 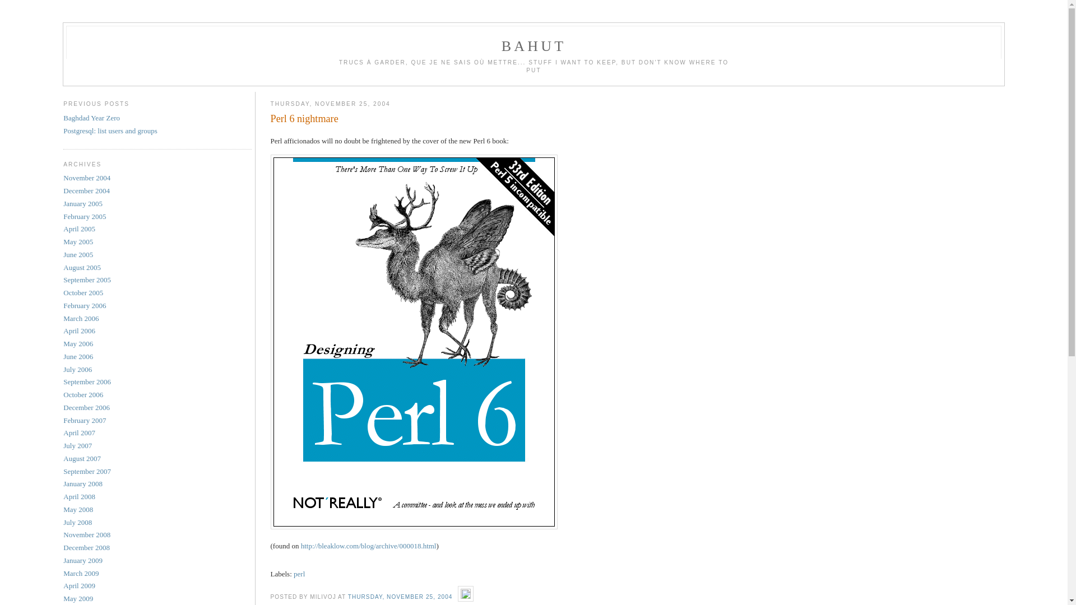 What do you see at coordinates (534, 45) in the screenshot?
I see `'BAHUT'` at bounding box center [534, 45].